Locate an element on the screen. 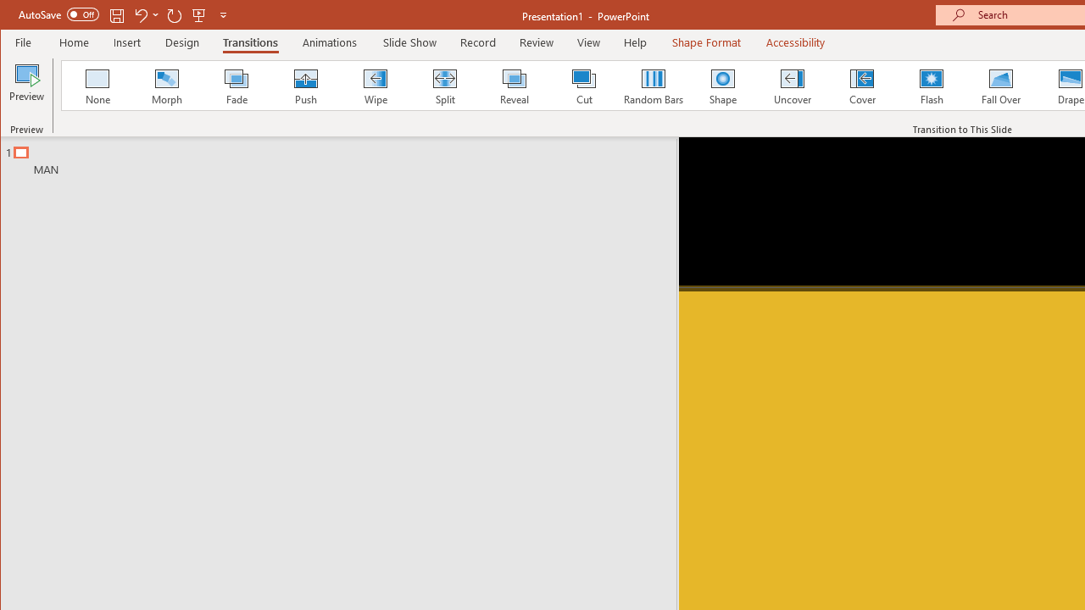  'Push' is located at coordinates (305, 85).